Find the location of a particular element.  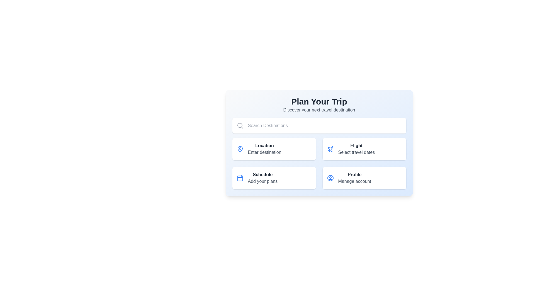

the rectangular component within the calendar icon of the 'Schedule' button, located in the lower-left section of the interface is located at coordinates (240, 178).